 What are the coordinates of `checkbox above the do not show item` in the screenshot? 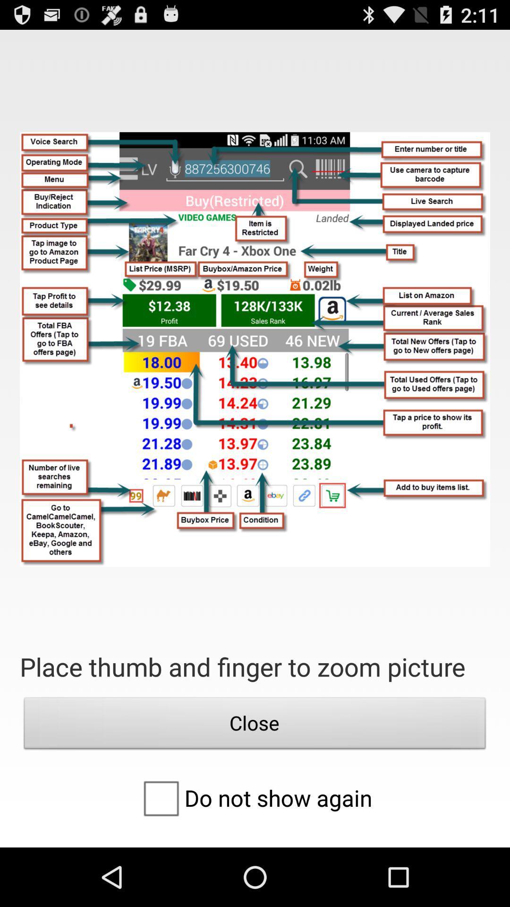 It's located at (255, 725).